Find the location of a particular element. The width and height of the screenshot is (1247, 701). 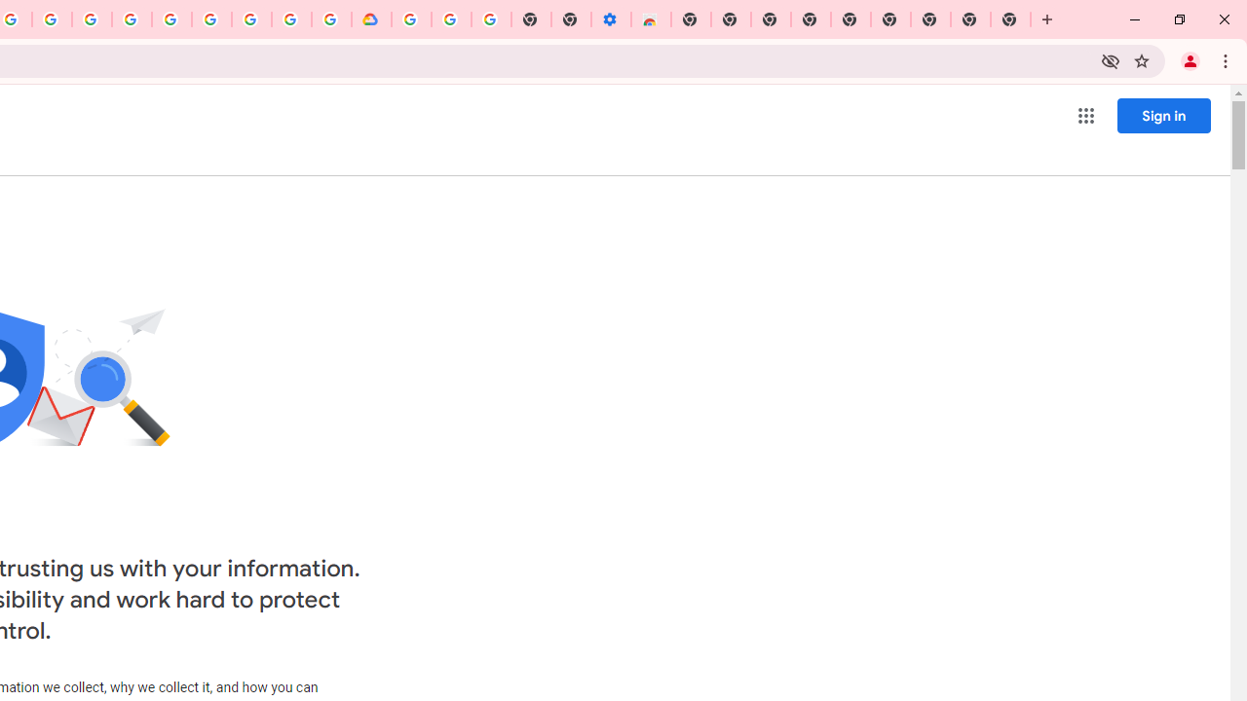

'New Tab' is located at coordinates (1011, 19).